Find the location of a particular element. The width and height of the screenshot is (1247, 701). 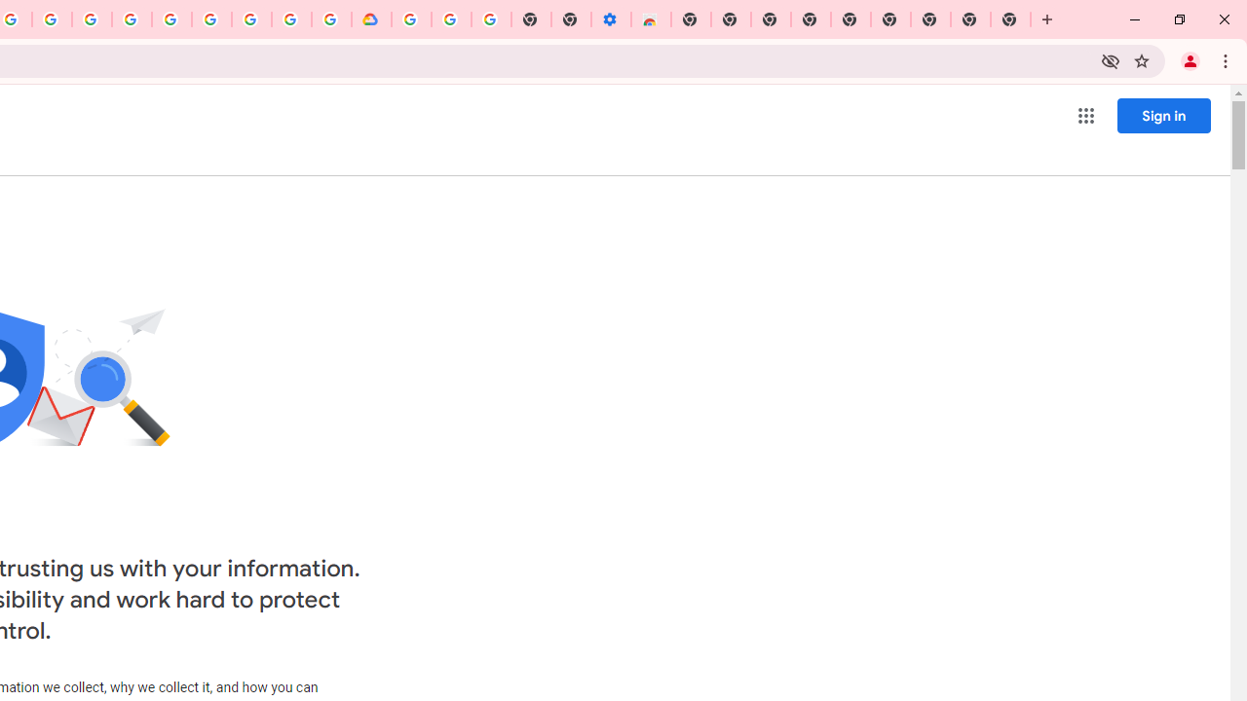

'New Tab' is located at coordinates (1011, 19).